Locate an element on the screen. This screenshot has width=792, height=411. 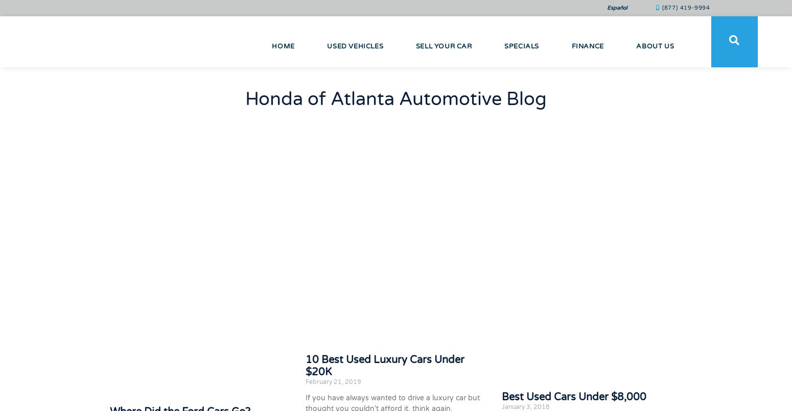
'Home' is located at coordinates (283, 45).